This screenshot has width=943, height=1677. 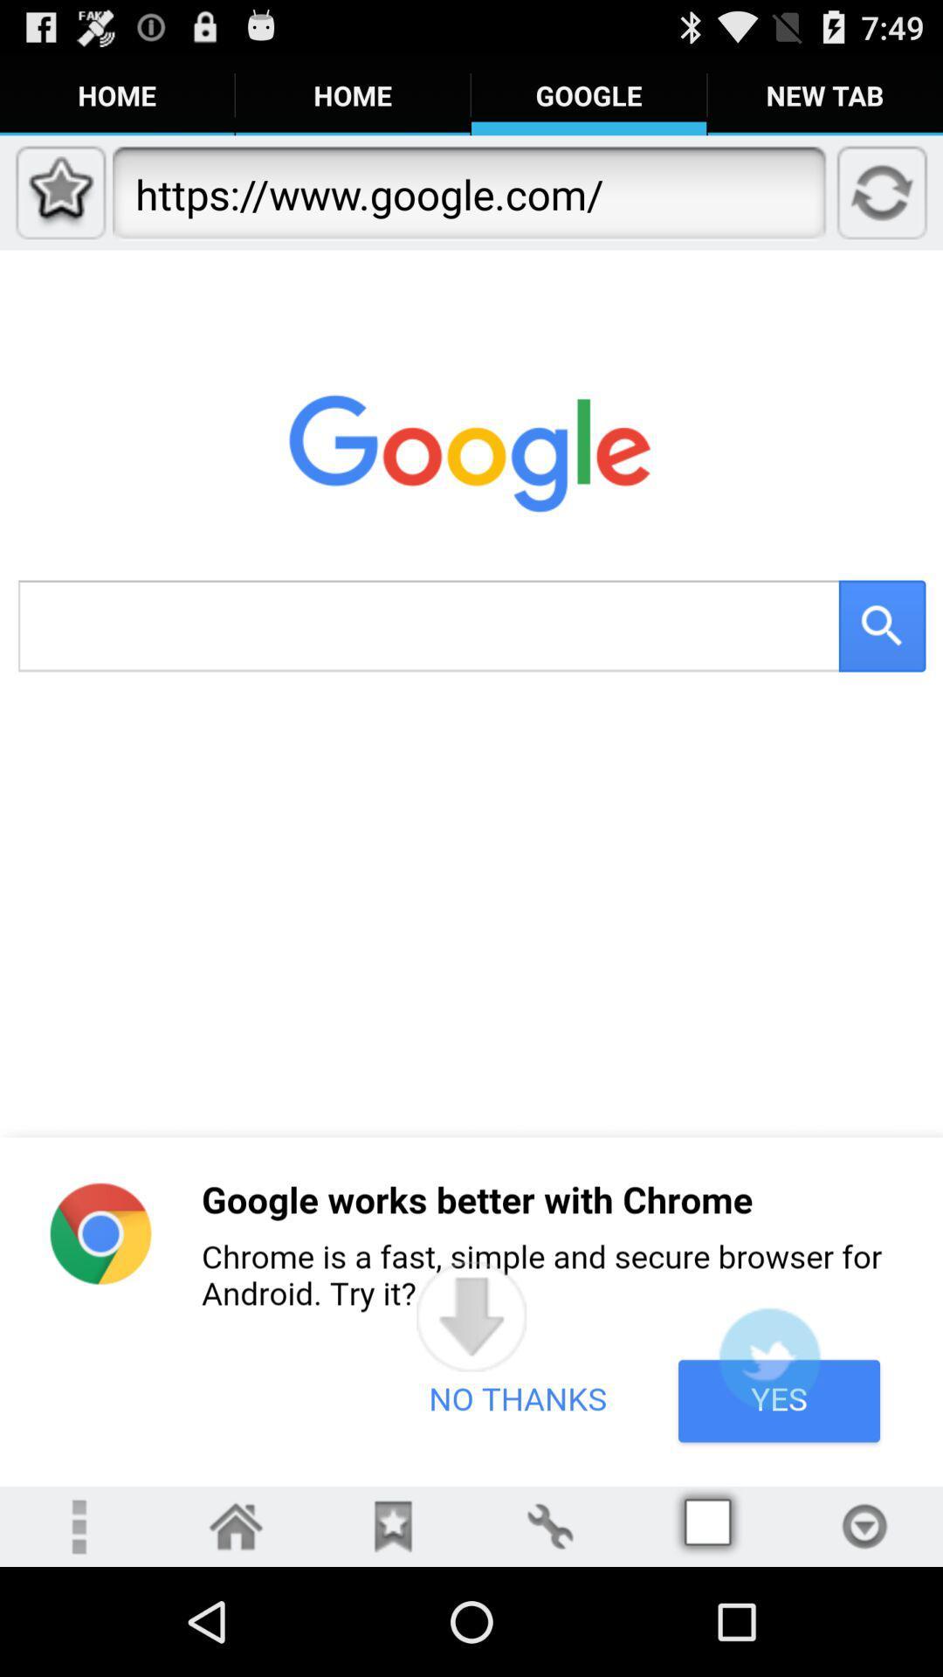 What do you see at coordinates (864, 1525) in the screenshot?
I see `acess dropdown menu` at bounding box center [864, 1525].